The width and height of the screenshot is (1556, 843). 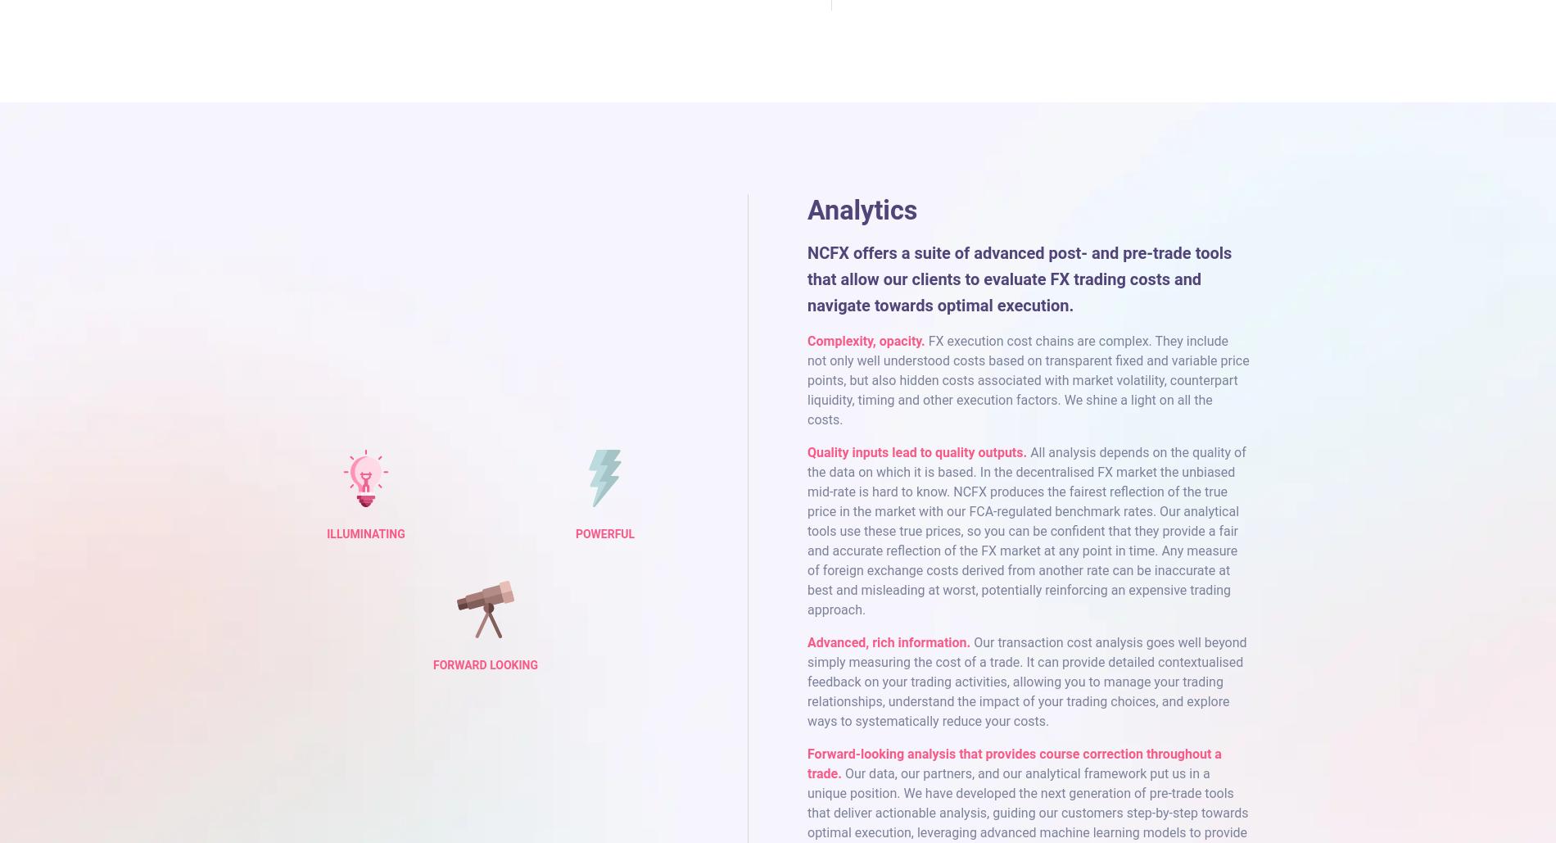 I want to click on 'FX execution cost chains are complex. They include not only well understood costs based on transparent fixed and variable price points, but also hidden costs associated with market volatility, counterpart liquidity, timing and other execution factors. We shine a light on all the costs.', so click(x=807, y=379).